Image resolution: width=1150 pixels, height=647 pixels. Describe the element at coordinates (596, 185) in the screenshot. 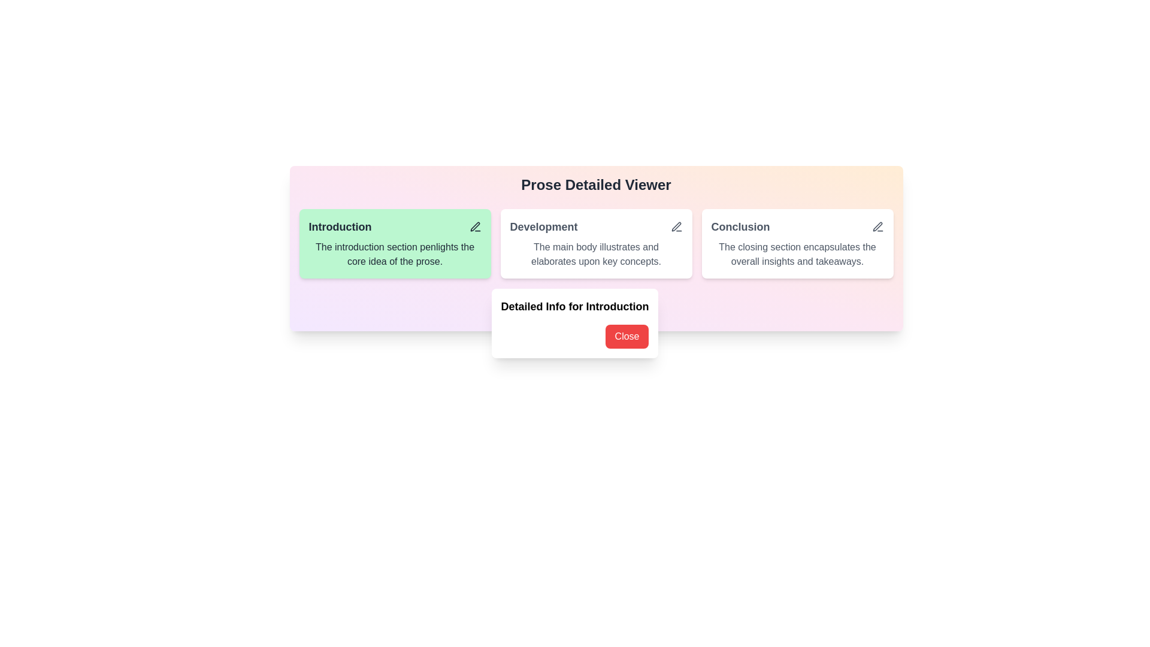

I see `text content 'Prose Detailed Viewer' which is a large, bold, dark gray title at the top of its section` at that location.